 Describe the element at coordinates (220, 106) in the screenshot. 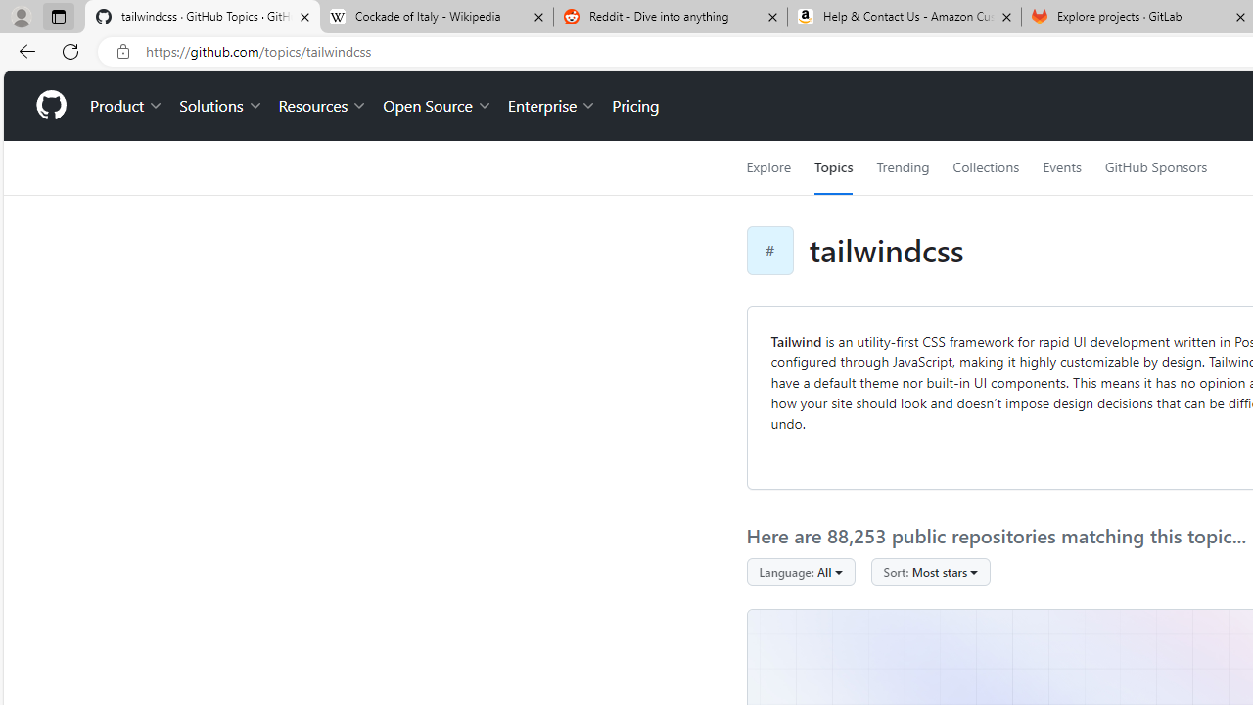

I see `'Solutions'` at that location.